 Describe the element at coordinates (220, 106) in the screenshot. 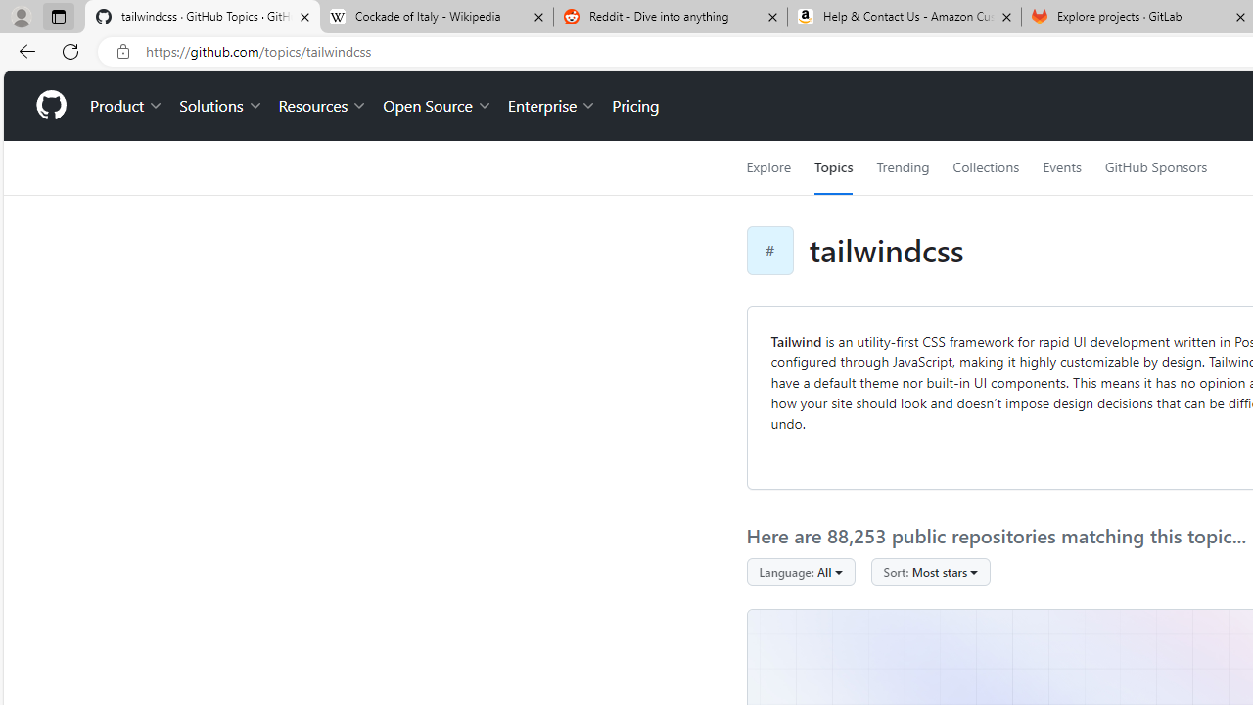

I see `'Solutions'` at that location.